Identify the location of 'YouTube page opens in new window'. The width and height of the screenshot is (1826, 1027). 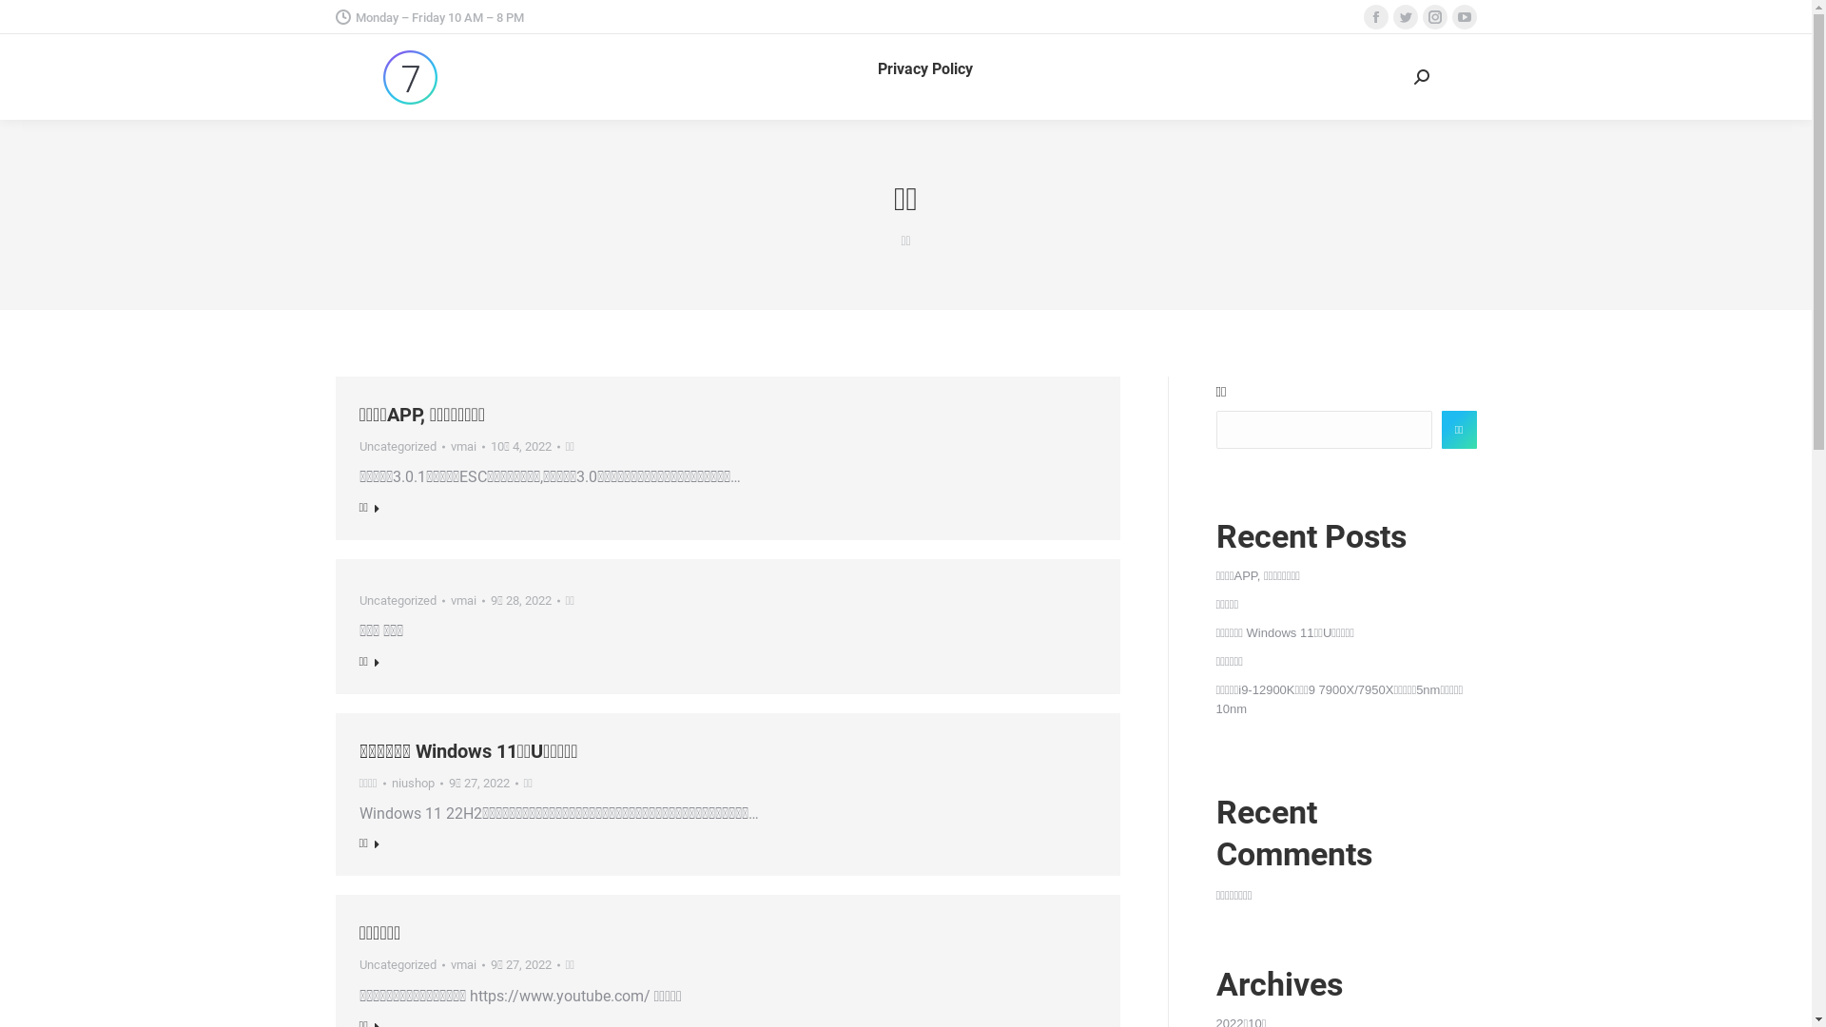
(1463, 17).